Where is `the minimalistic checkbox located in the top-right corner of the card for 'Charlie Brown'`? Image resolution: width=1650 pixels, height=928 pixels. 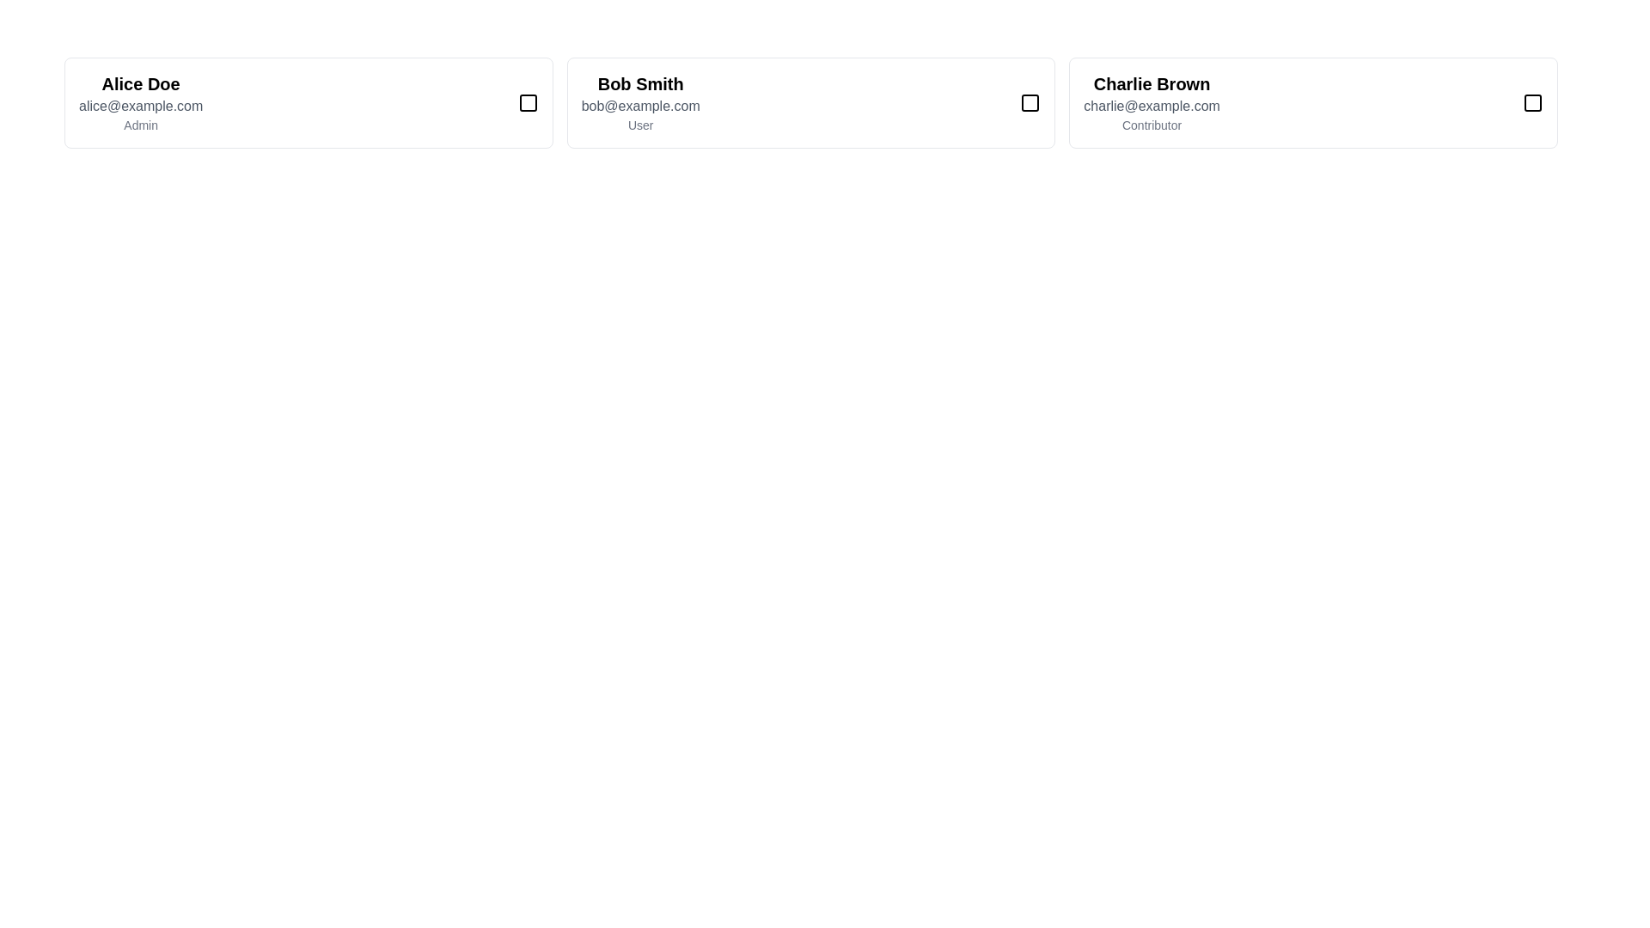 the minimalistic checkbox located in the top-right corner of the card for 'Charlie Brown' is located at coordinates (1533, 102).